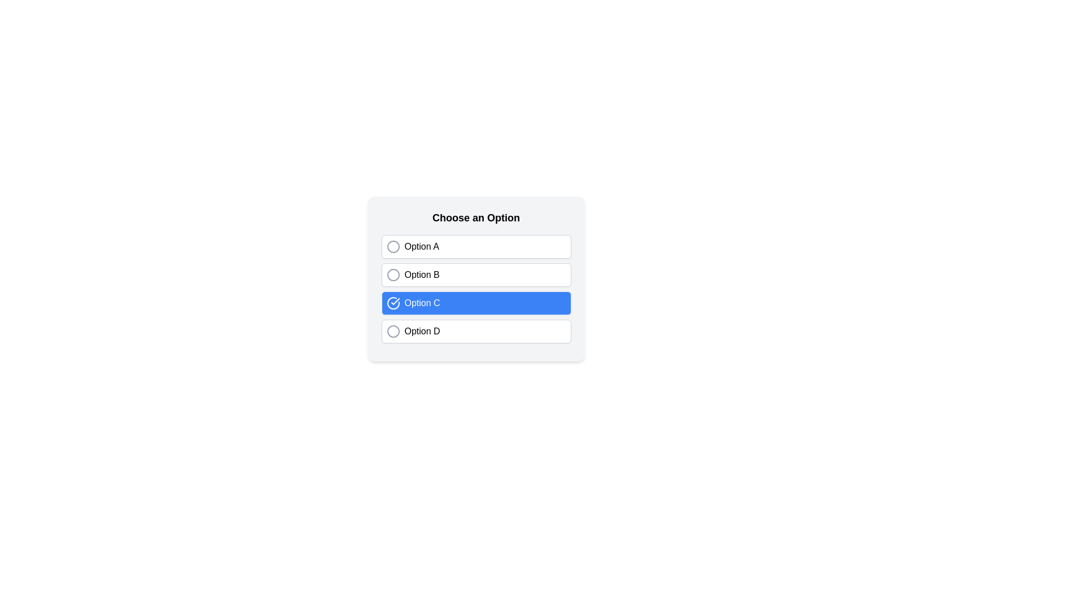 The width and height of the screenshot is (1084, 610). Describe the element at coordinates (393, 302) in the screenshot. I see `the circular icon with a checkmark located to the left of the text 'Option C'` at that location.